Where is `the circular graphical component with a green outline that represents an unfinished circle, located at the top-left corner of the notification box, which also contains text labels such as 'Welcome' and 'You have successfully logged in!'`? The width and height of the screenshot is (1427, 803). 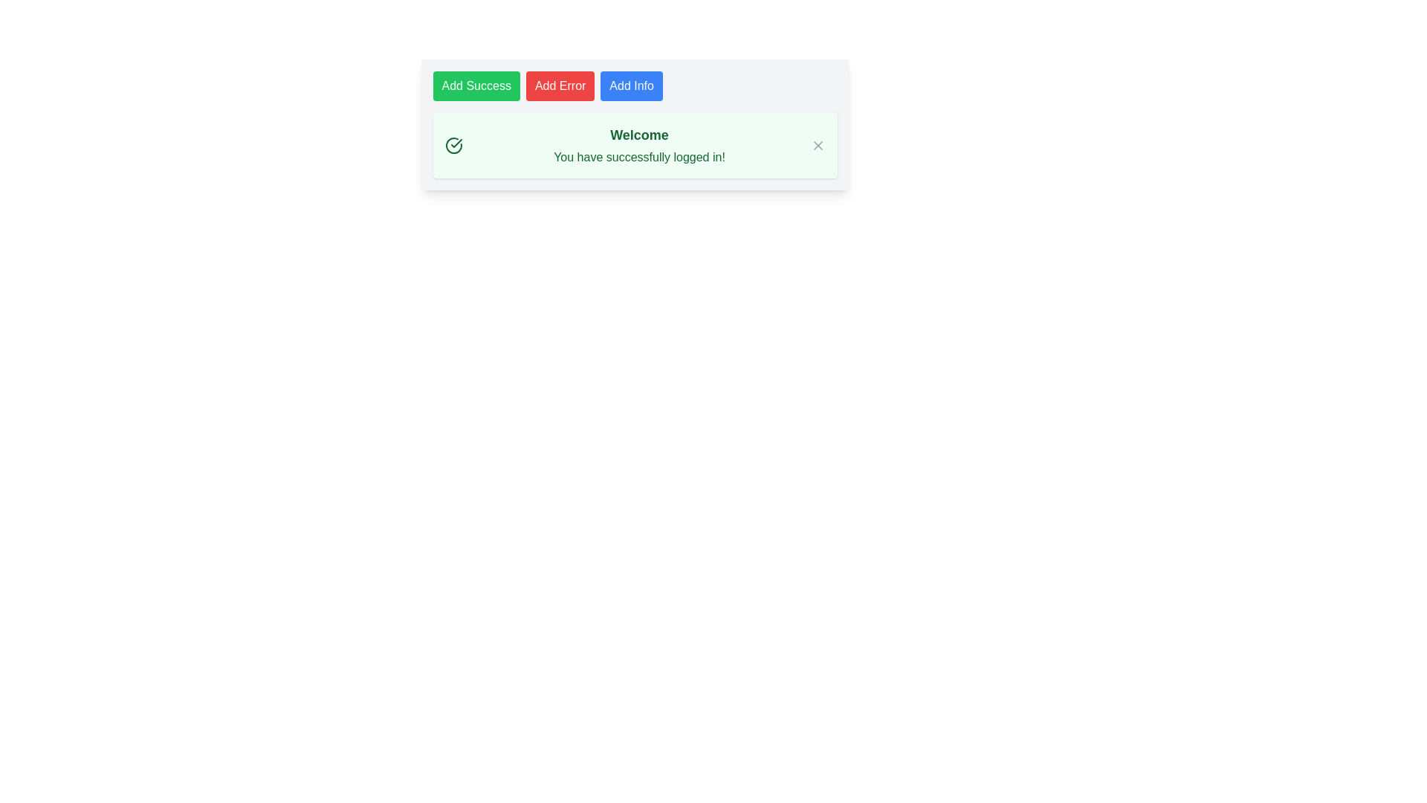 the circular graphical component with a green outline that represents an unfinished circle, located at the top-left corner of the notification box, which also contains text labels such as 'Welcome' and 'You have successfully logged in!' is located at coordinates (453, 146).